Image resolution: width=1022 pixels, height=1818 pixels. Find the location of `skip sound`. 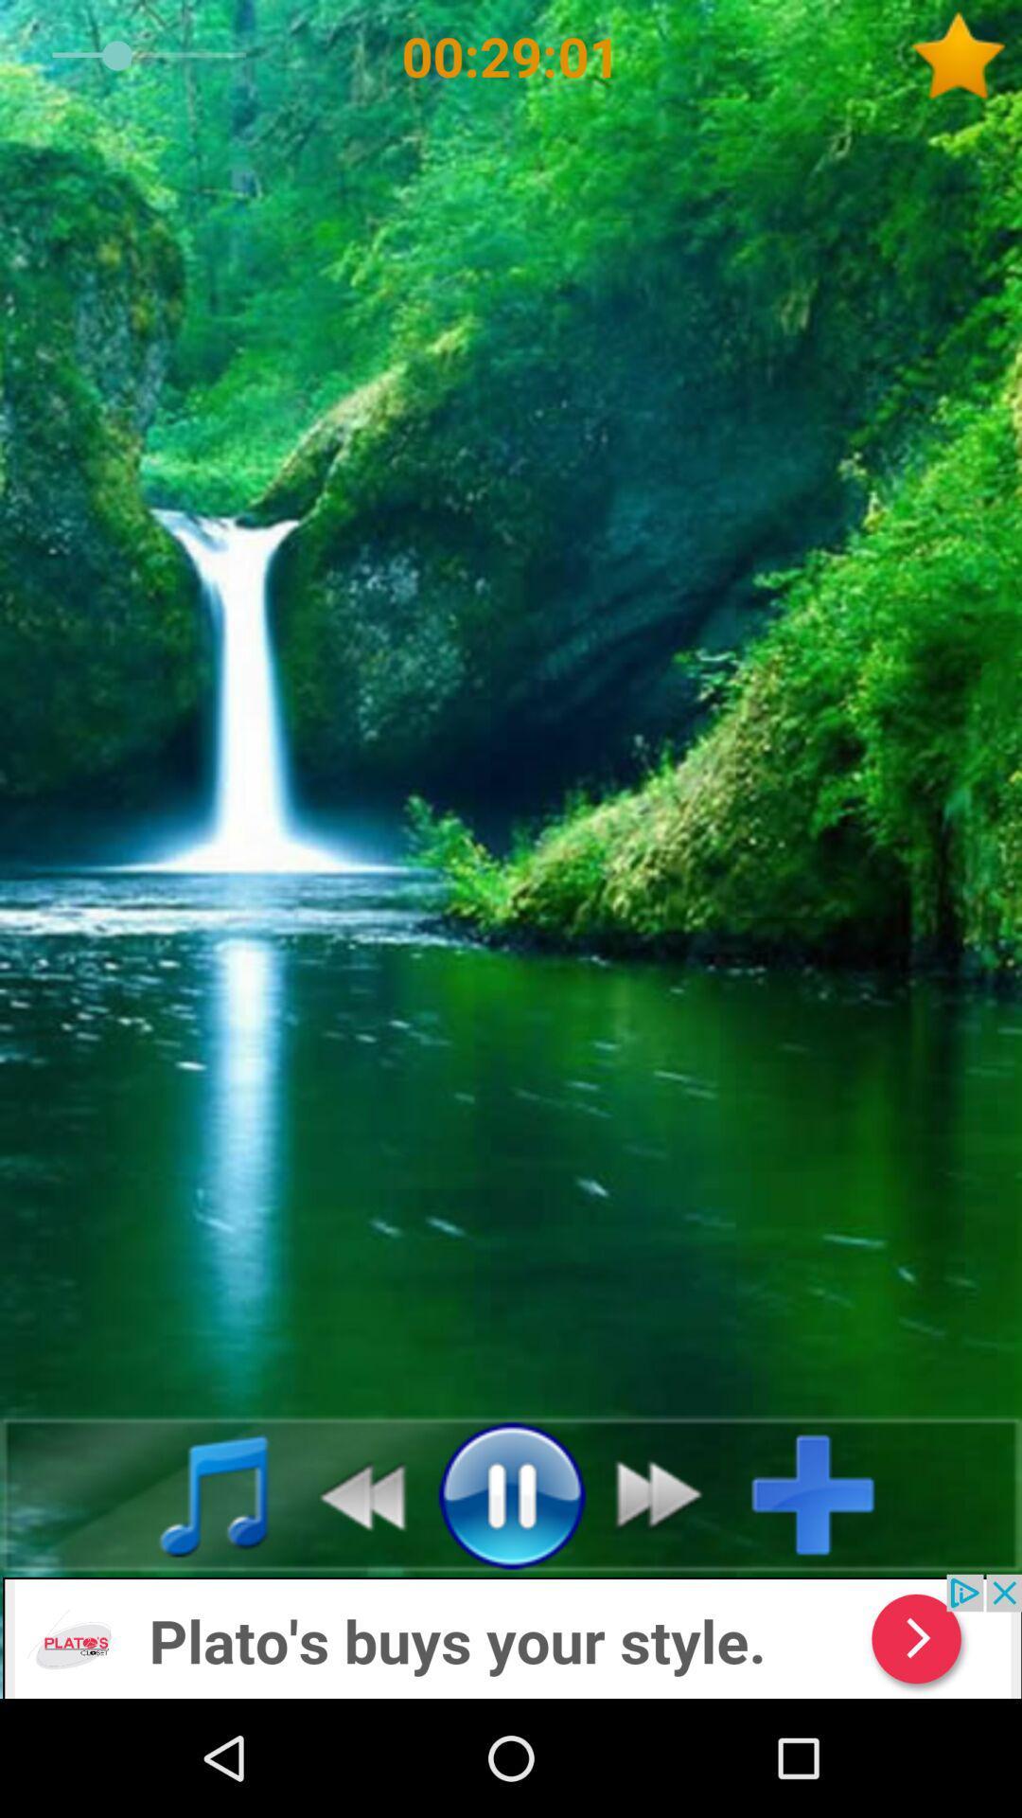

skip sound is located at coordinates (669, 1493).